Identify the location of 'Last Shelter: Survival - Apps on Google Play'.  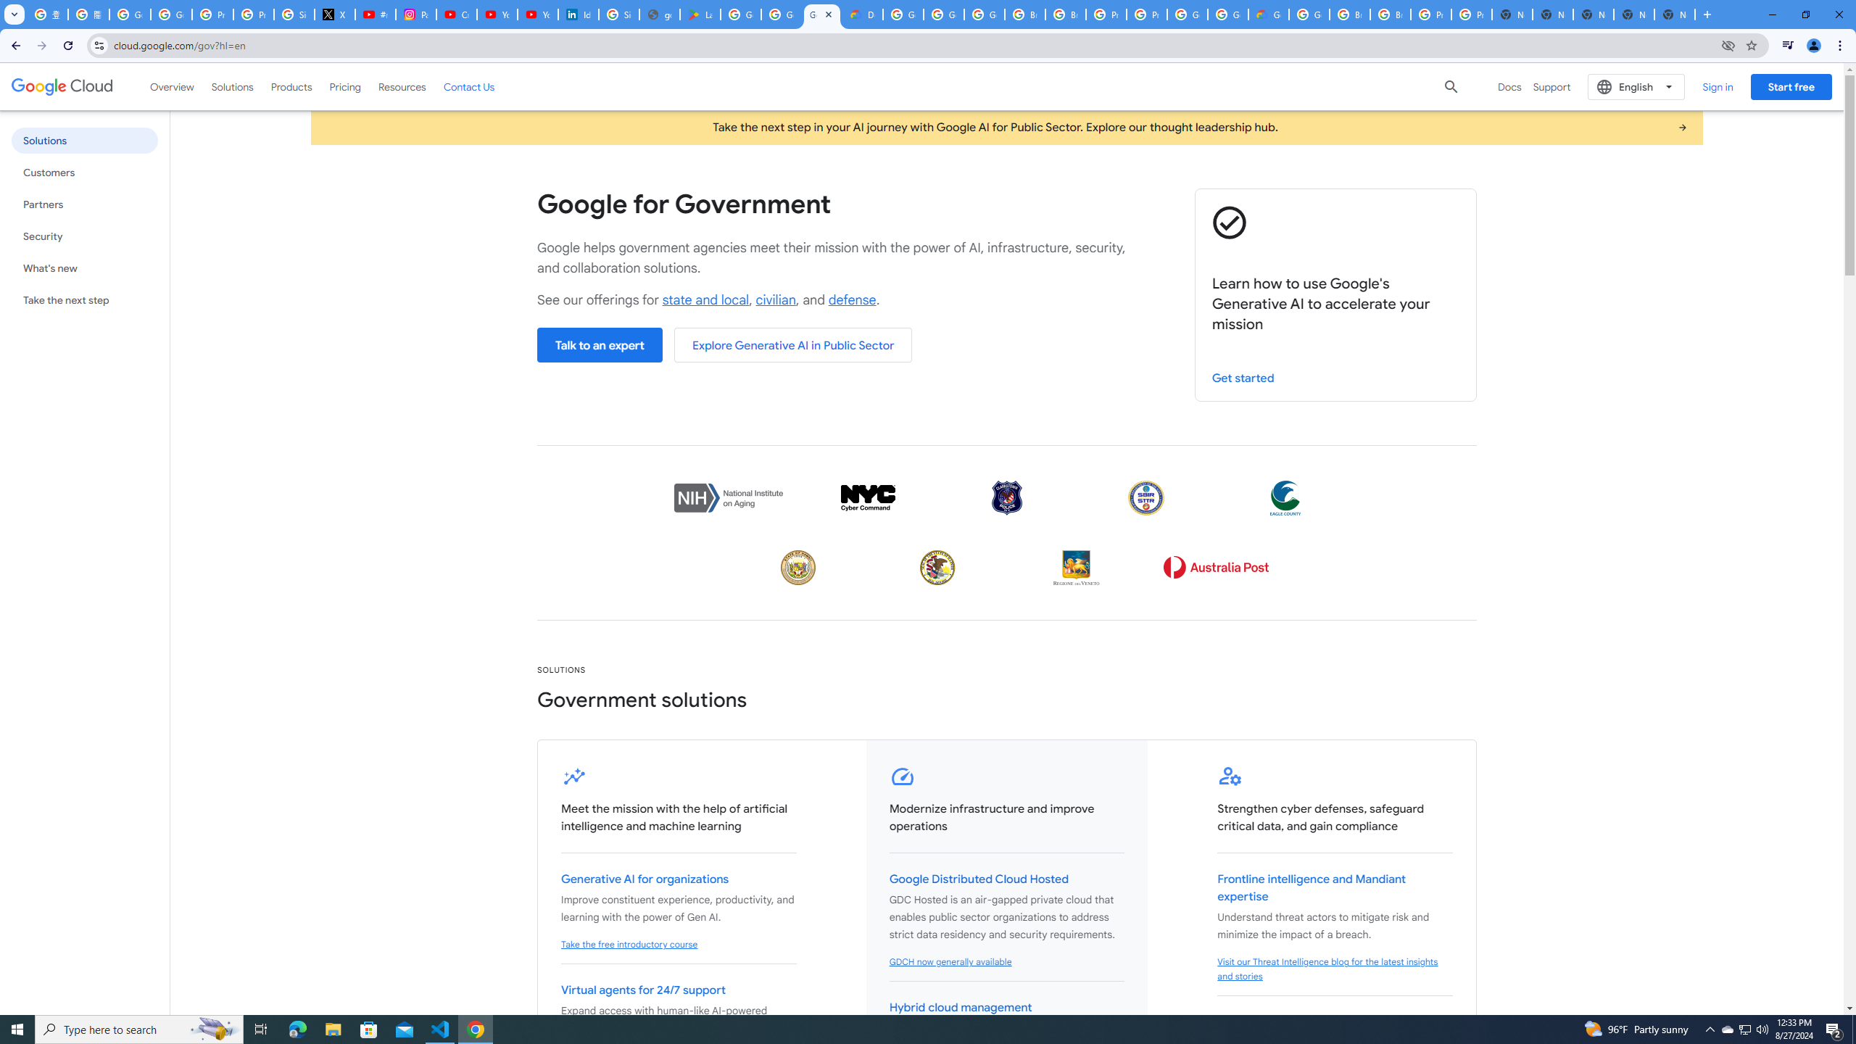
(700, 14).